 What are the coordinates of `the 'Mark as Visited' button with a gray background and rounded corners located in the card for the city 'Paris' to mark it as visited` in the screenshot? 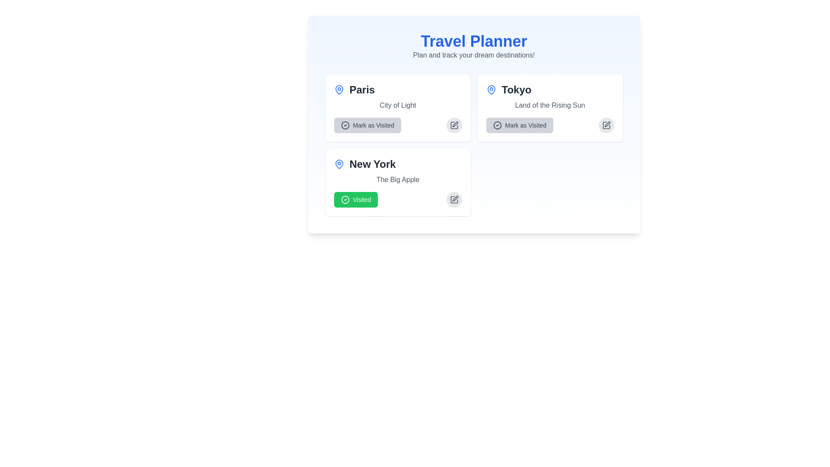 It's located at (367, 125).